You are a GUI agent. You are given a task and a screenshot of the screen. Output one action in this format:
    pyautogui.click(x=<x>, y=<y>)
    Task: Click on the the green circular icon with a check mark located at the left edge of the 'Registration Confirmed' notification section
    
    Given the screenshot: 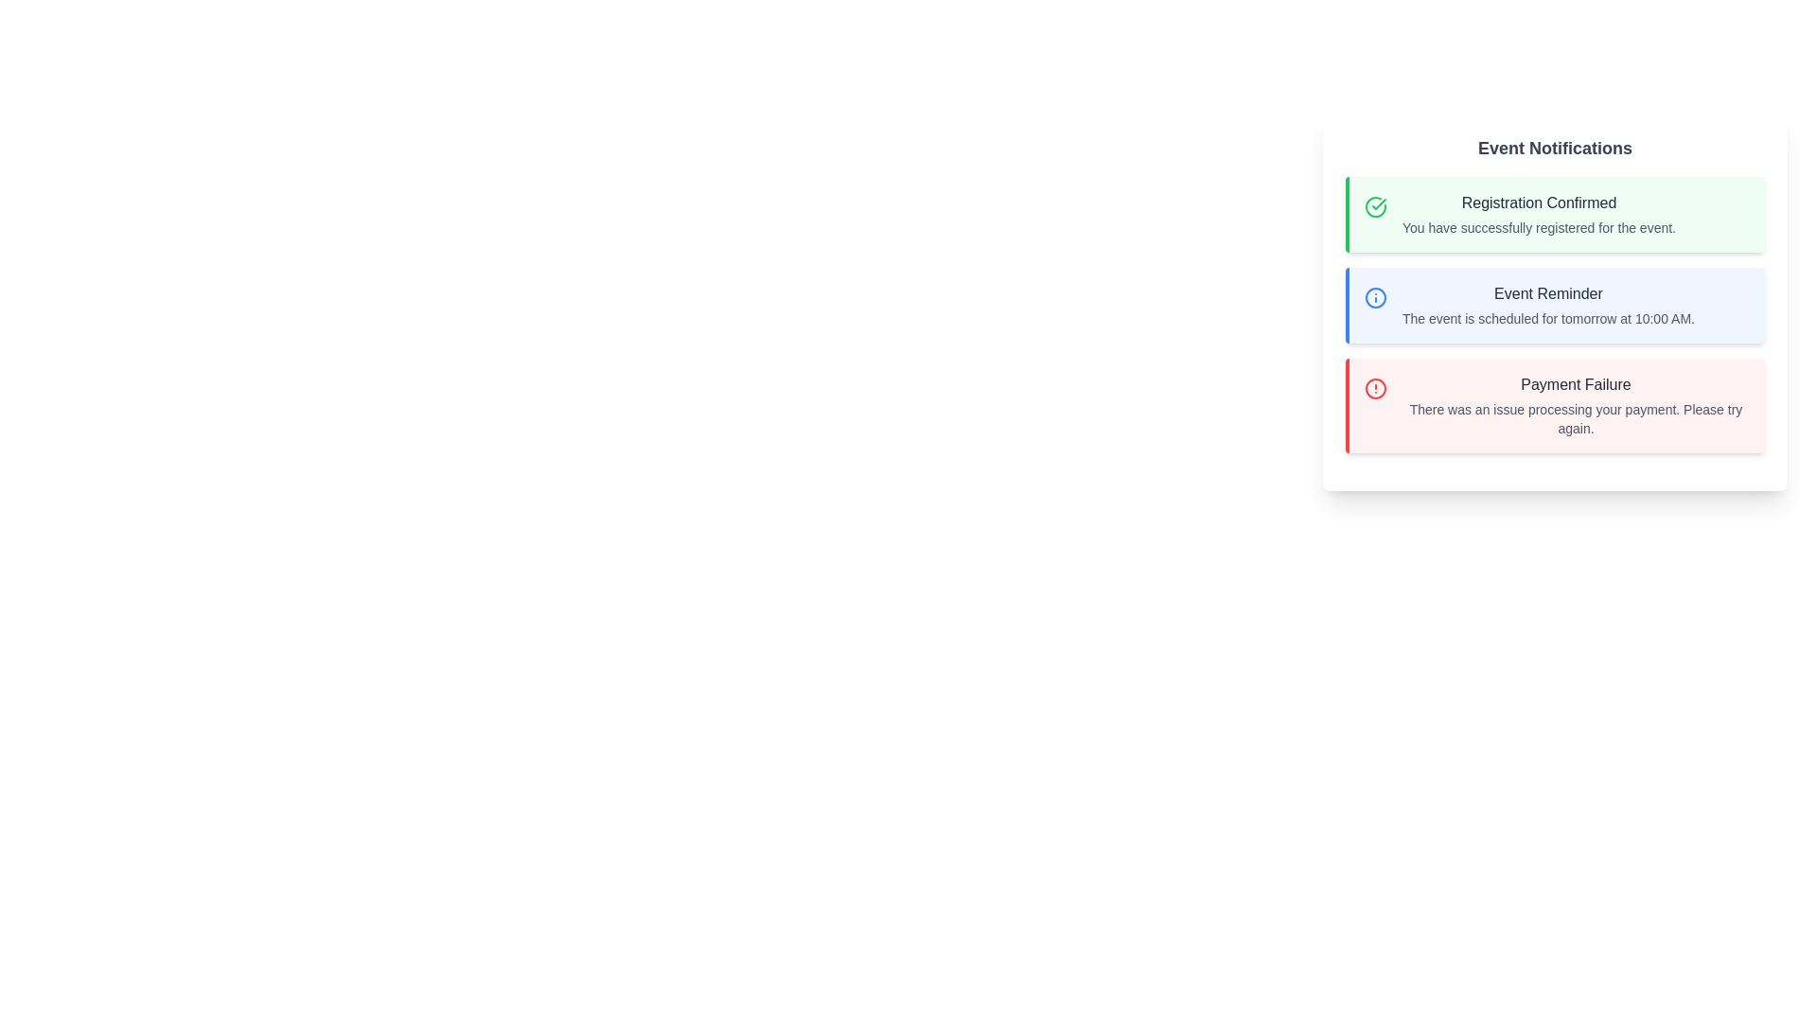 What is the action you would take?
    pyautogui.click(x=1376, y=207)
    